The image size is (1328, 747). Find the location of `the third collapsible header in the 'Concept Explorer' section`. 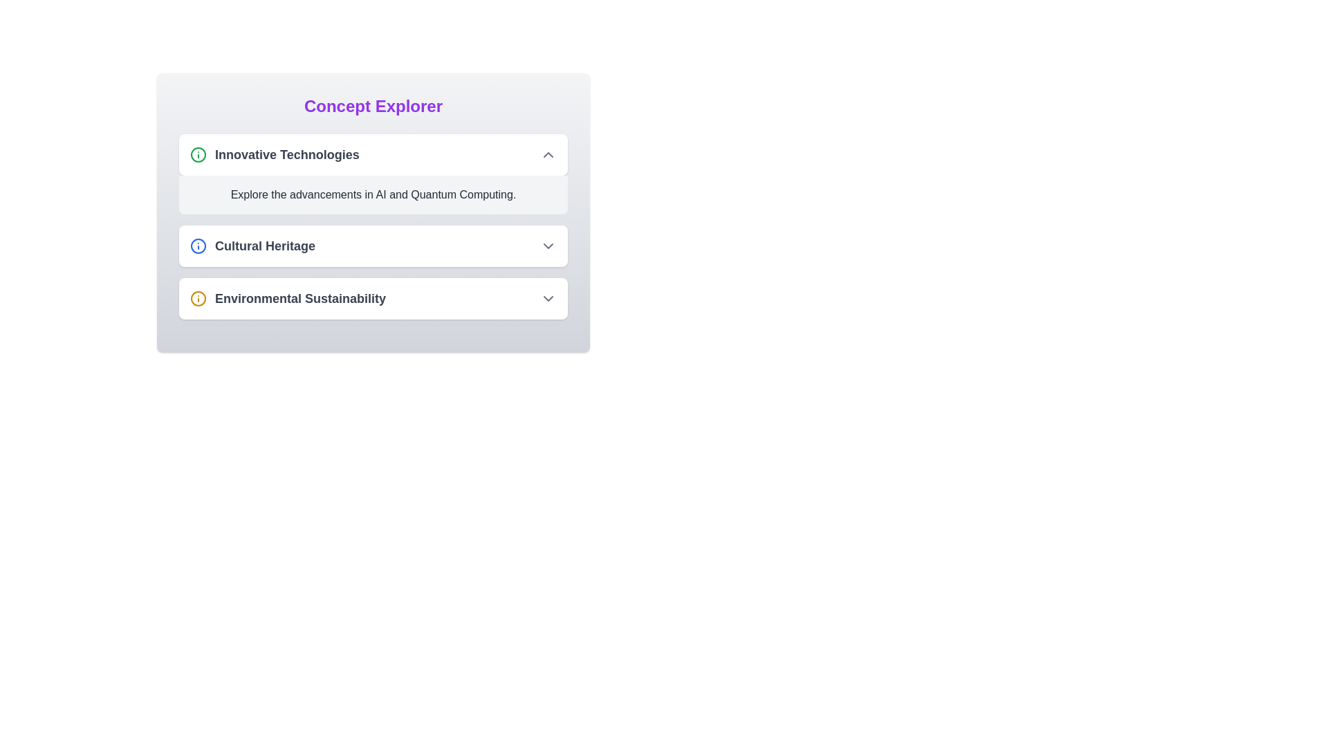

the third collapsible header in the 'Concept Explorer' section is located at coordinates (373, 298).